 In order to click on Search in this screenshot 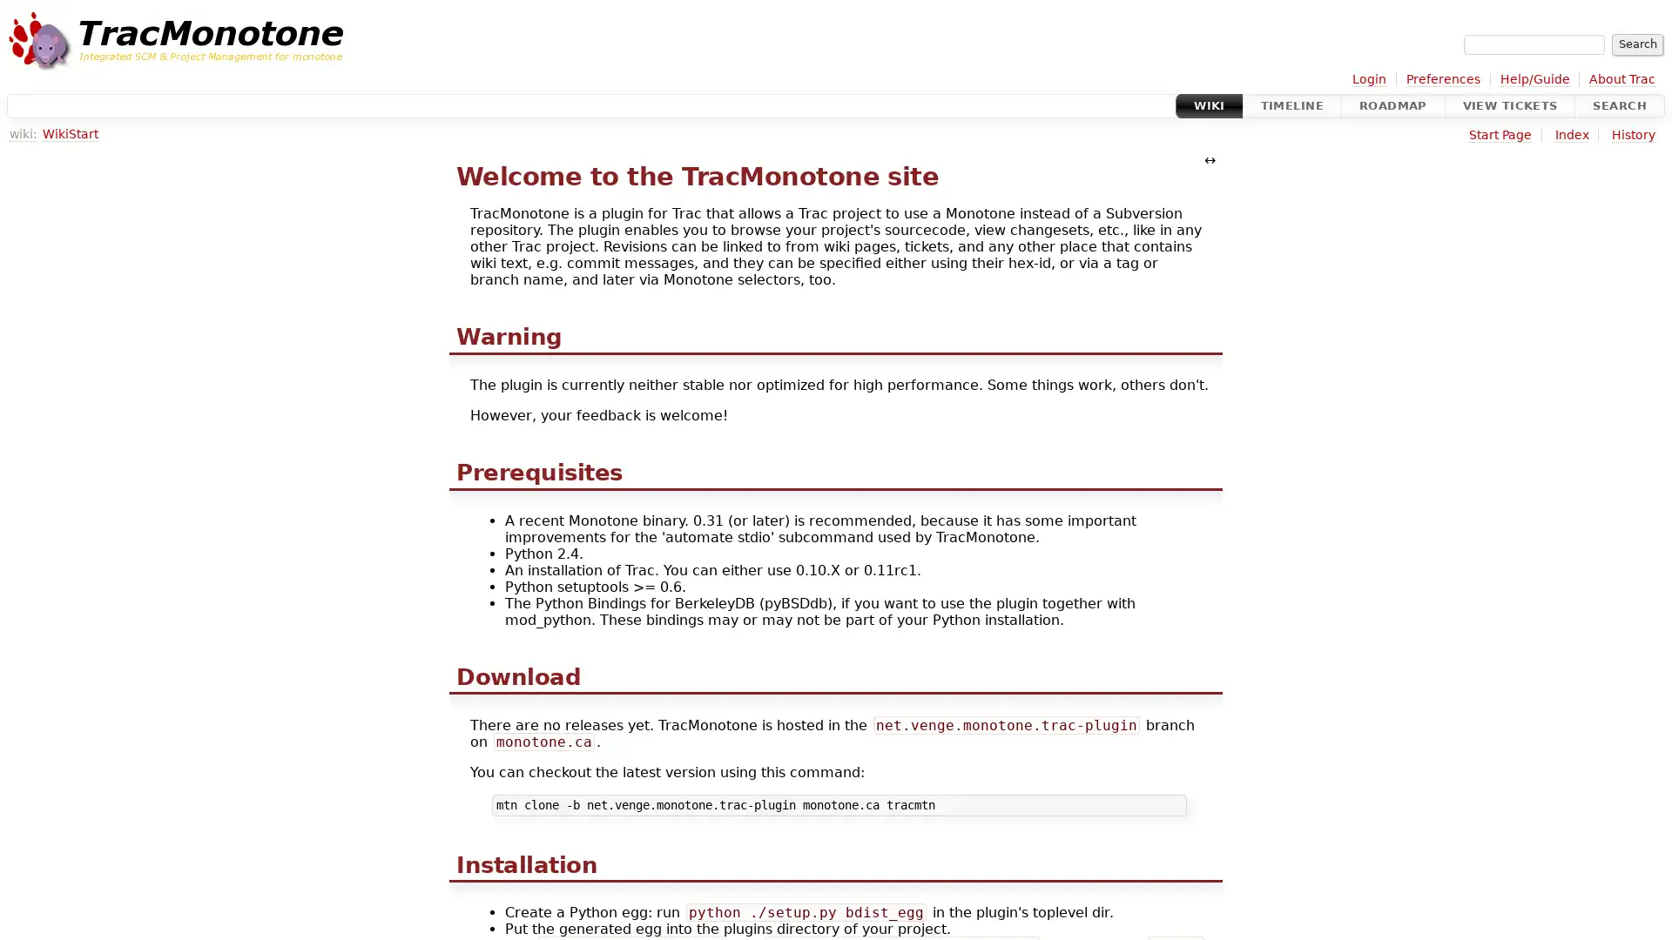, I will do `click(1636, 43)`.